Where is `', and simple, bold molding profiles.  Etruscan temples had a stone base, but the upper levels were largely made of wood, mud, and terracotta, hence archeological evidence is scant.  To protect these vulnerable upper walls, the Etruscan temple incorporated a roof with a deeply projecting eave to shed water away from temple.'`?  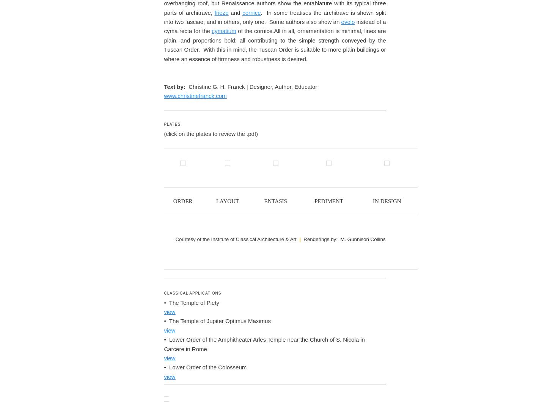 ', and simple, bold molding profiles.  Etruscan temples had a stone base, but the upper levels were largely made of wood, mud, and terracotta, hence archeological evidence is scant.  To protect these vulnerable upper walls, the Etruscan temple incorporated a roof with a deeply projecting eave to shed water away from temple.' is located at coordinates (274, 233).